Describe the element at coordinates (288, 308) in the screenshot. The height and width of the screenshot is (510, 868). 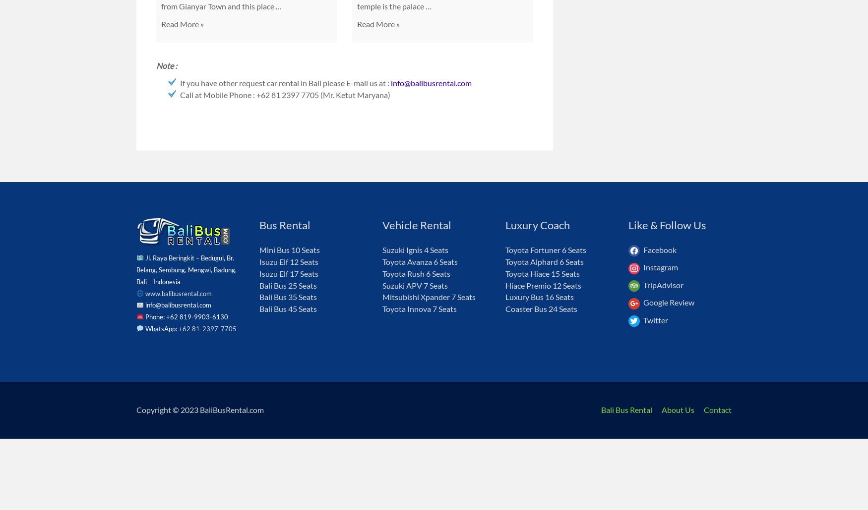
I see `'Bali Bus 45 Seats'` at that location.